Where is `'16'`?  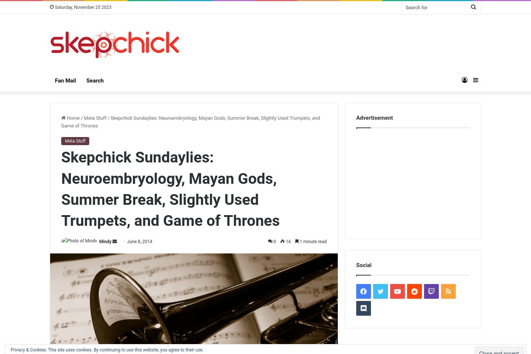 '16' is located at coordinates (287, 241).